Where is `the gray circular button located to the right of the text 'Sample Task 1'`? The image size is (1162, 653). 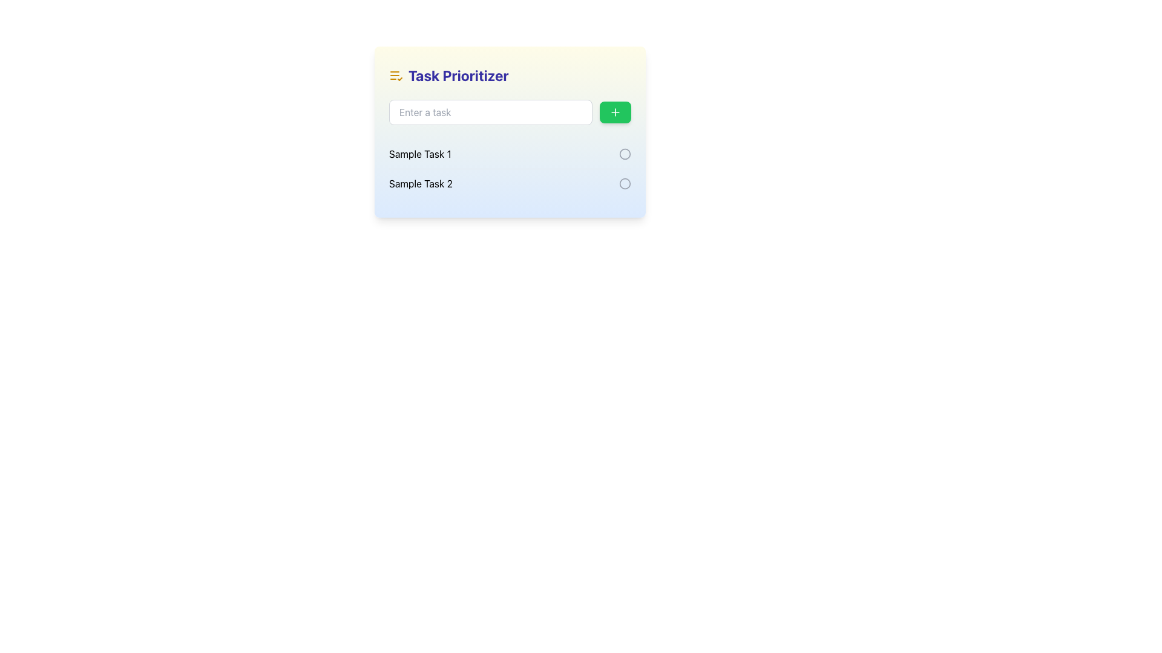
the gray circular button located to the right of the text 'Sample Task 1' is located at coordinates (625, 153).